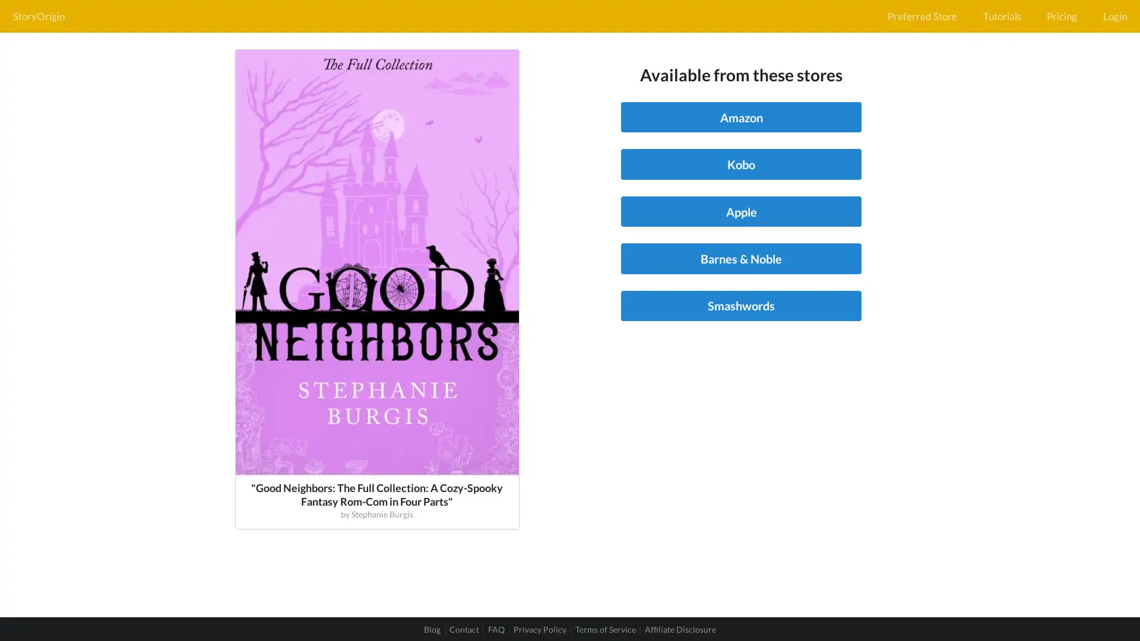 The width and height of the screenshot is (1140, 641). What do you see at coordinates (740, 258) in the screenshot?
I see `Barnes & Noble` at bounding box center [740, 258].